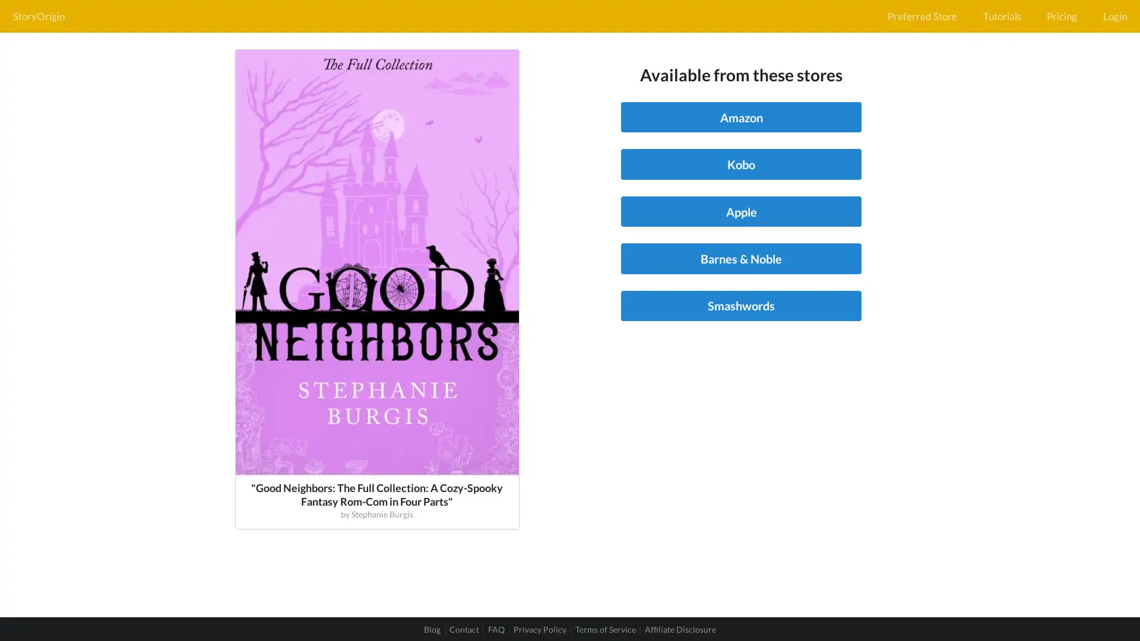 The width and height of the screenshot is (1140, 641). What do you see at coordinates (740, 258) in the screenshot?
I see `Barnes & Noble` at bounding box center [740, 258].